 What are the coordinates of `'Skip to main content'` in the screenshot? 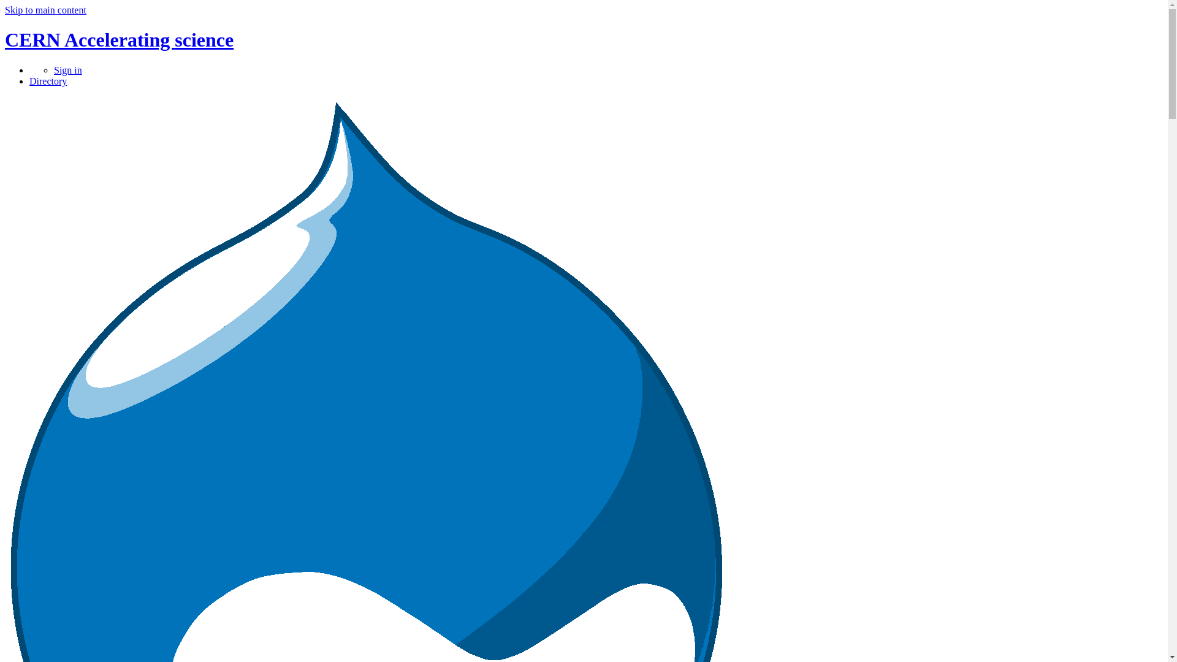 It's located at (45, 10).